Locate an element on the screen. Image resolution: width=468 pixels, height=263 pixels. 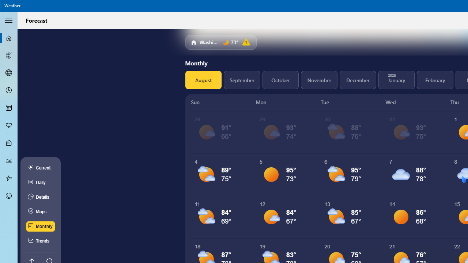
'Historical Weather - Not Selected' is located at coordinates (9, 160).